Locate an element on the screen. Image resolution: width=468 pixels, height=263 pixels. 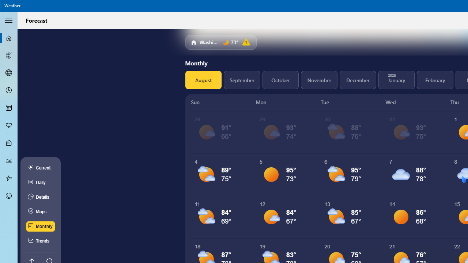
'Historical Weather - Not Selected' is located at coordinates (9, 160).